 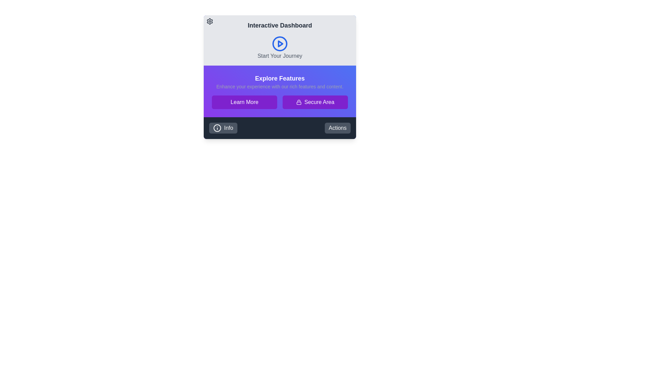 I want to click on the information button located on the left side of the horizontal bar at the bottom of the main card, which is the first button before the 'Actions' button, so click(x=223, y=128).